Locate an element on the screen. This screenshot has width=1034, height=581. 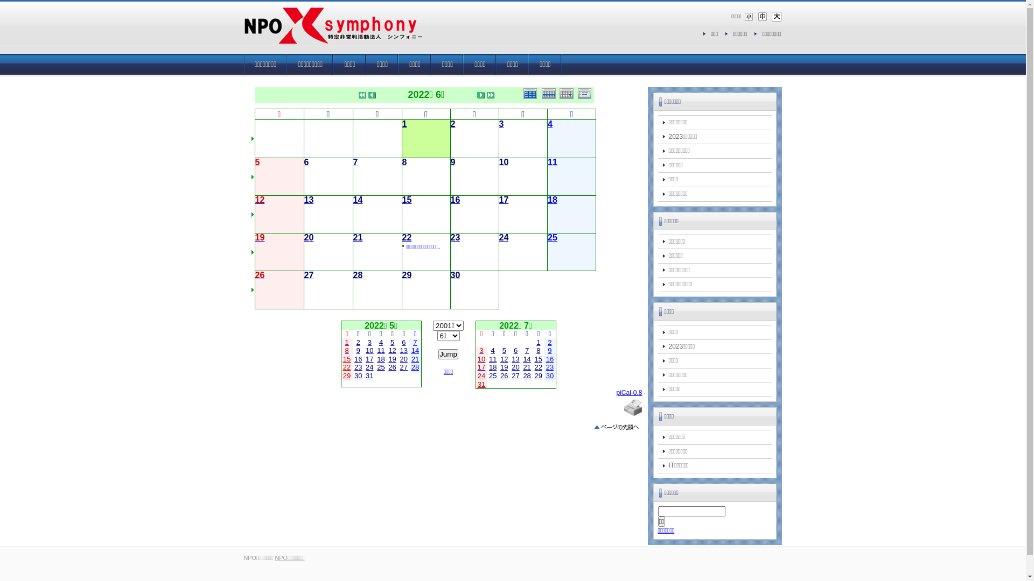
'17' is located at coordinates (503, 201).